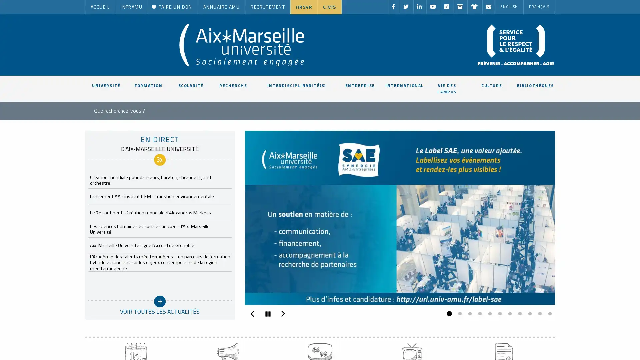  I want to click on Go to slide 4, so click(478, 314).